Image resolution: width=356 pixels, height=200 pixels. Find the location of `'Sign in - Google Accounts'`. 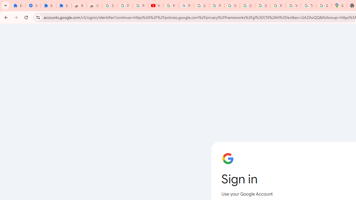

'Sign in - Google Accounts' is located at coordinates (201, 6).